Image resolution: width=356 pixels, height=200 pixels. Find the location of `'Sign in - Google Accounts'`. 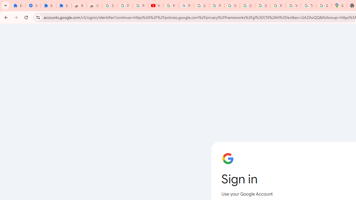

'Sign in - Google Accounts' is located at coordinates (201, 6).